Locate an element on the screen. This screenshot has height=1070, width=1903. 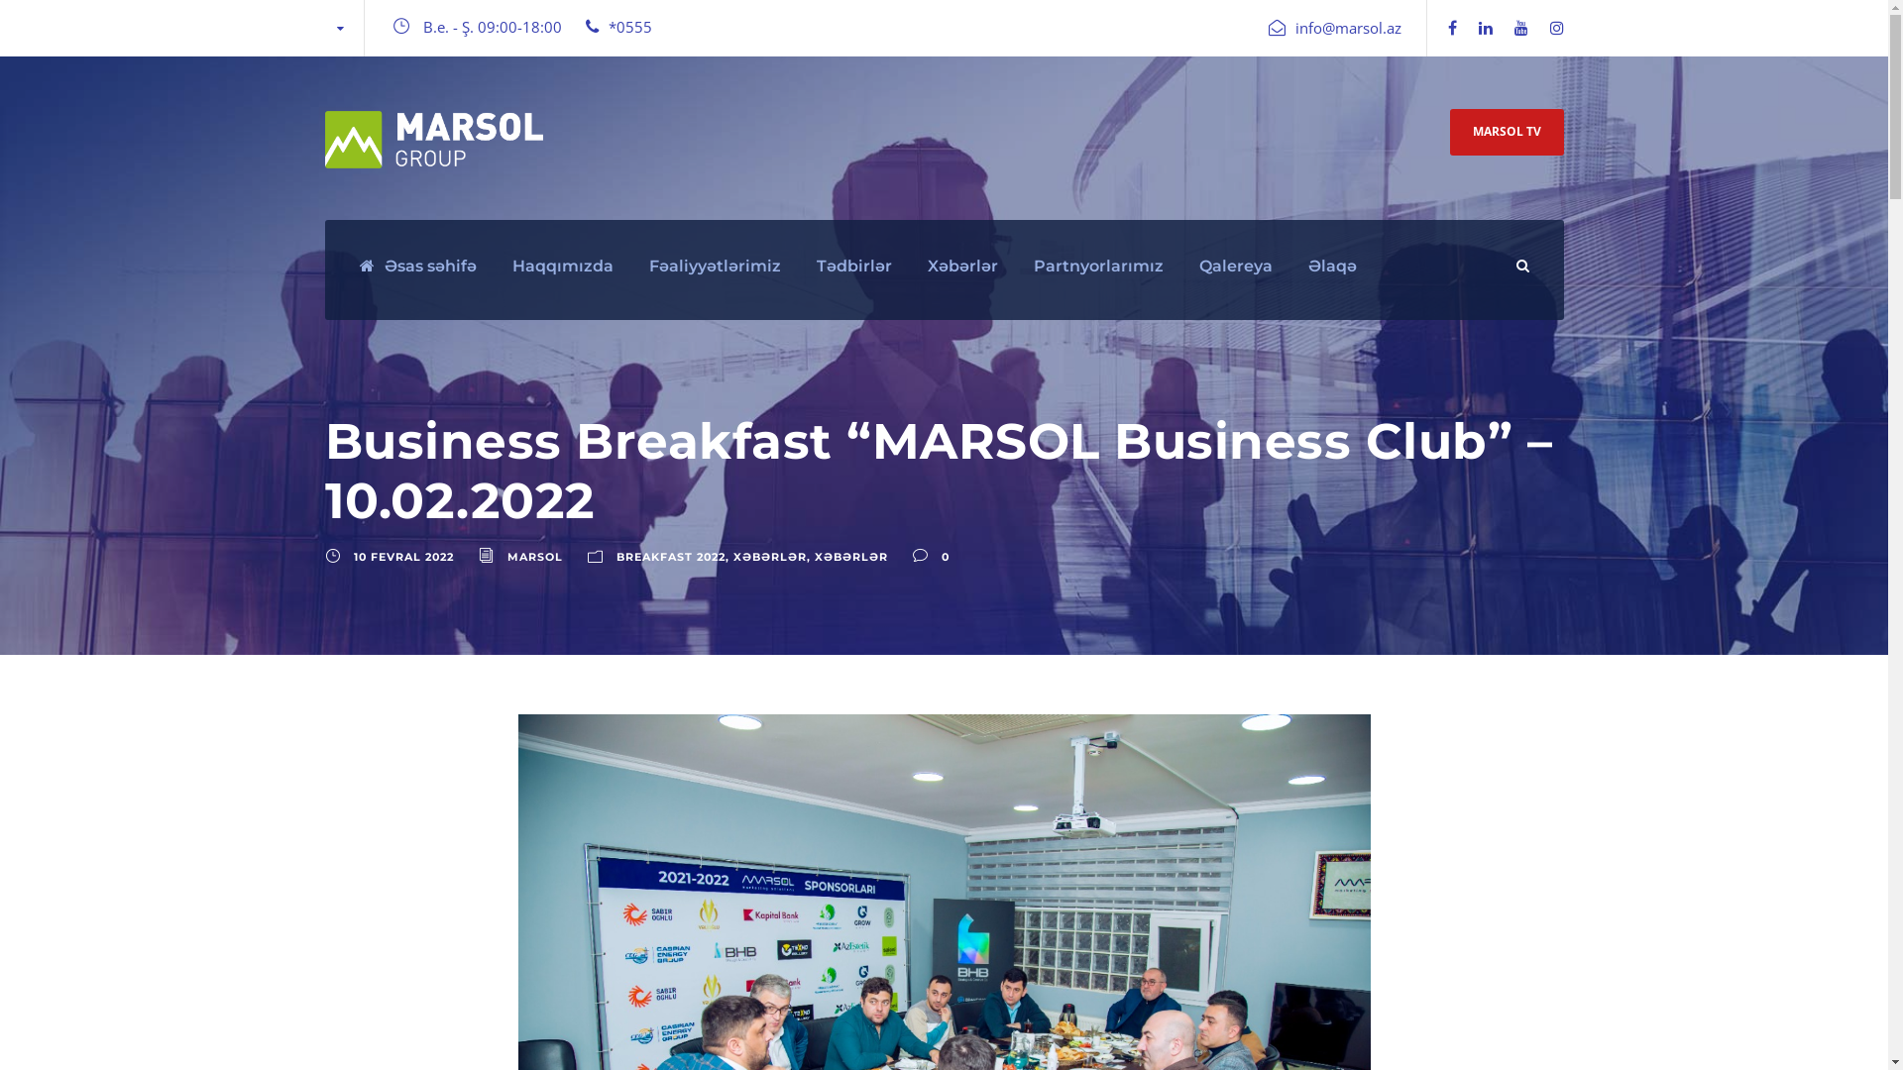
'instagram' is located at coordinates (1555, 27).